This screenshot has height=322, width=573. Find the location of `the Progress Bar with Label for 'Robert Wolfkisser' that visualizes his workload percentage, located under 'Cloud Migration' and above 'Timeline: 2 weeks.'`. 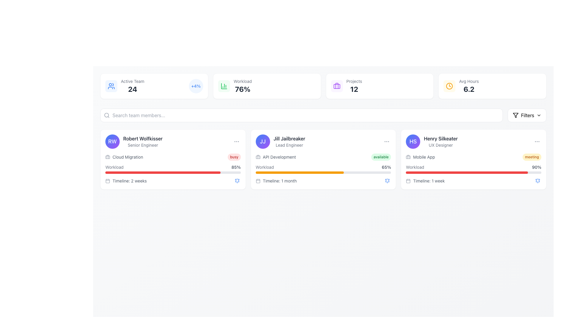

the Progress Bar with Label for 'Robert Wolfkisser' that visualizes his workload percentage, located under 'Cloud Migration' and above 'Timeline: 2 weeks.' is located at coordinates (172, 169).